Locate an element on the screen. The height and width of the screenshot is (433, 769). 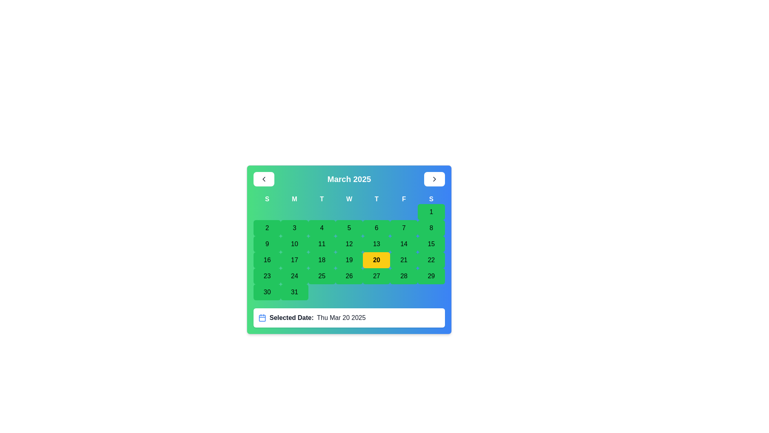
the Text label that displays the currently selected date in the date picker interface, located at the end of the 'Selected Date:' section is located at coordinates (341, 318).